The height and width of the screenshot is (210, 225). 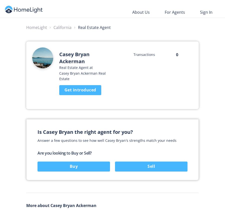 I want to click on 'Get introduced', so click(x=80, y=90).